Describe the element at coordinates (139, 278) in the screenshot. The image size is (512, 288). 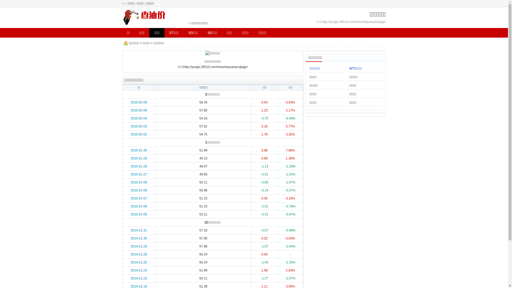
I see `'2014-12-23'` at that location.